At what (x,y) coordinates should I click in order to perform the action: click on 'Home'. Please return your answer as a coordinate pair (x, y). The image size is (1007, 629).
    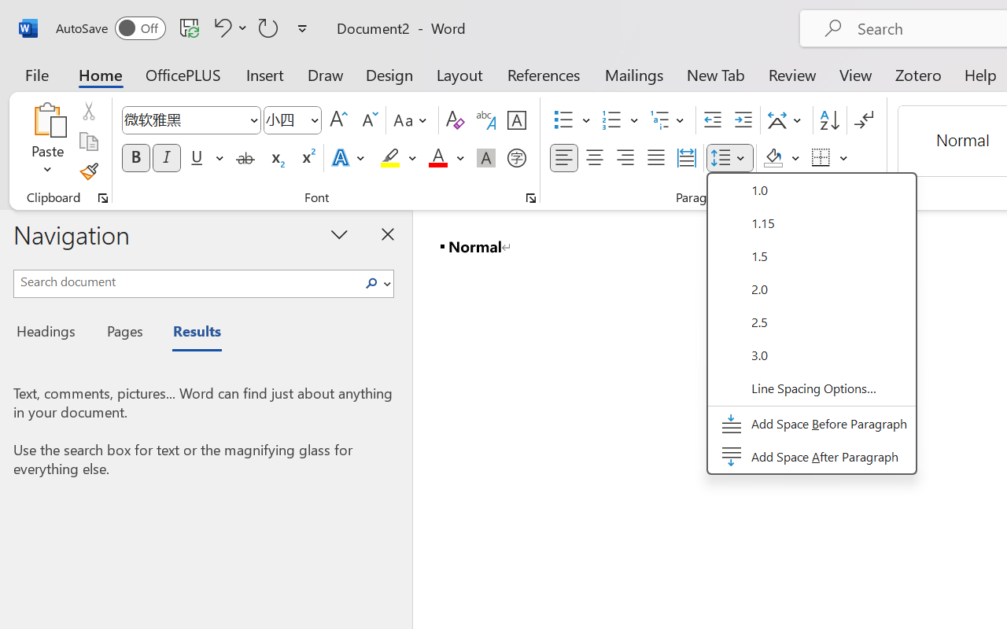
    Looking at the image, I should click on (100, 74).